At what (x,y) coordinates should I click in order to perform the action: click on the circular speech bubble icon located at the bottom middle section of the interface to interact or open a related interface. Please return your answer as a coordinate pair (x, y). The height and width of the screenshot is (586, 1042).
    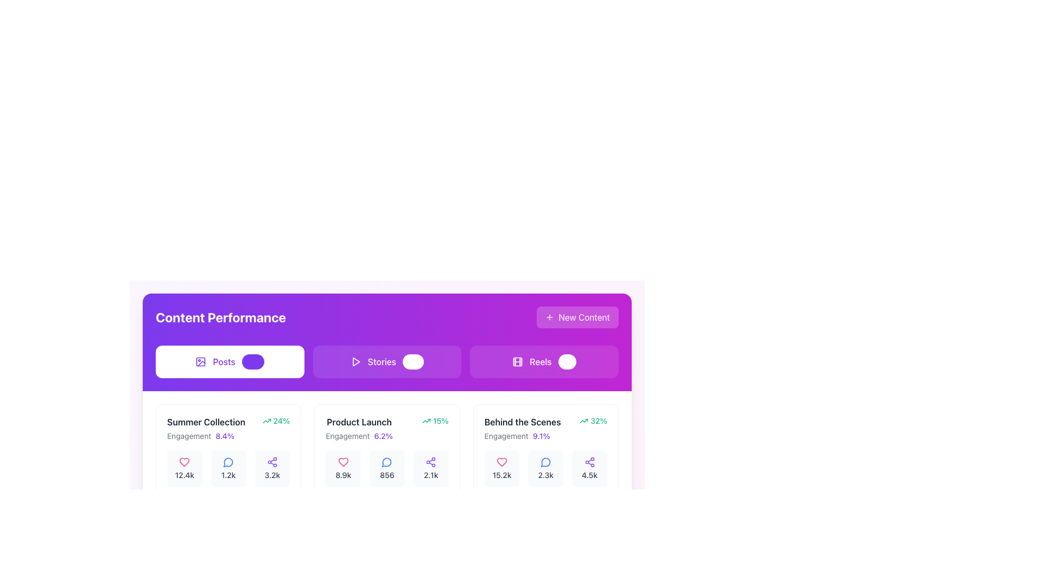
    Looking at the image, I should click on (227, 462).